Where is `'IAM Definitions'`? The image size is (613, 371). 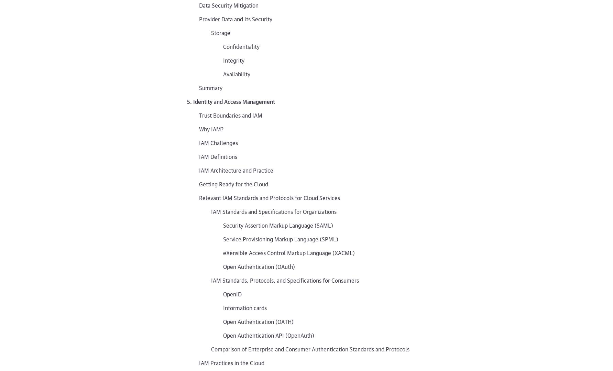 'IAM Definitions' is located at coordinates (218, 156).